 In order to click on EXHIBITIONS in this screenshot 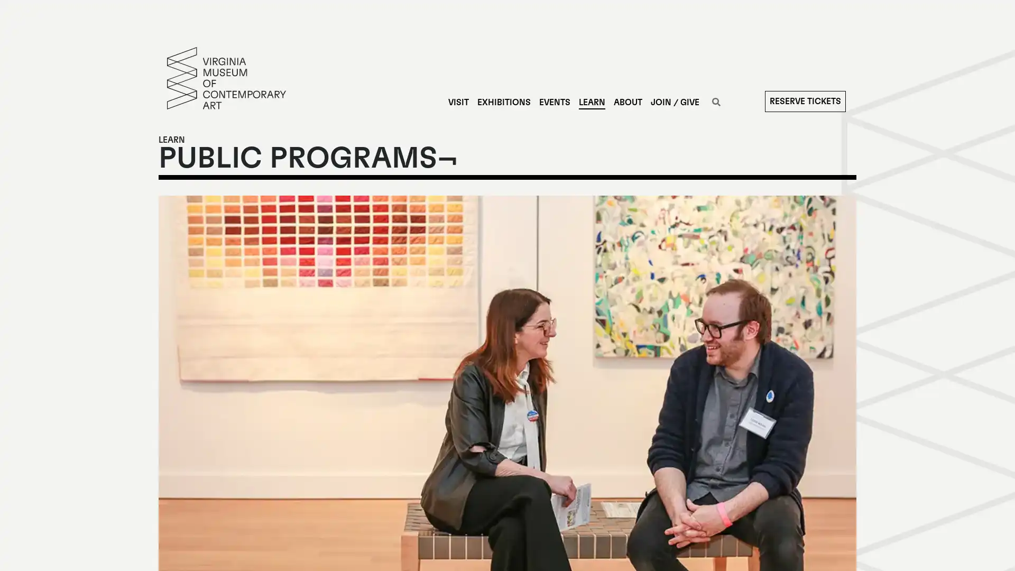, I will do `click(503, 102)`.